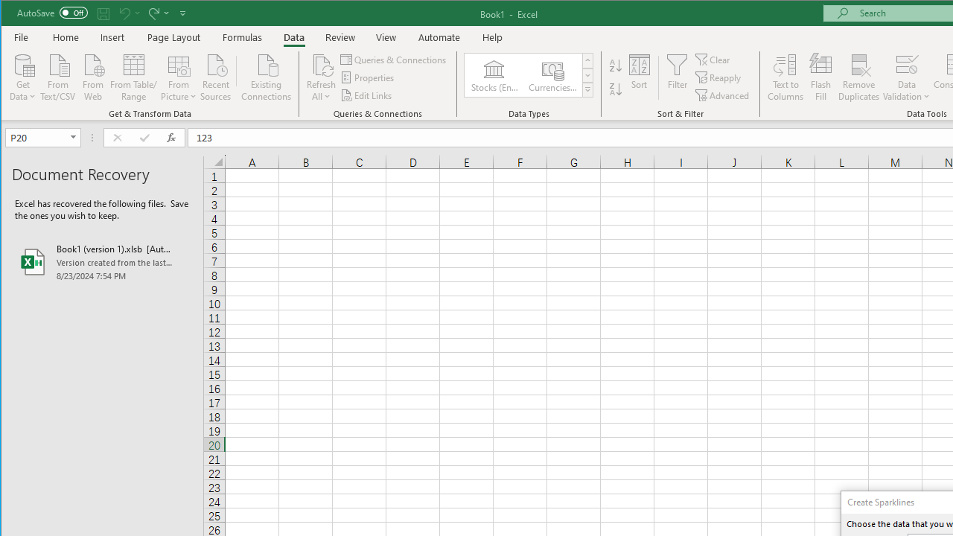 The image size is (953, 536). What do you see at coordinates (133, 76) in the screenshot?
I see `'From Table/Range'` at bounding box center [133, 76].